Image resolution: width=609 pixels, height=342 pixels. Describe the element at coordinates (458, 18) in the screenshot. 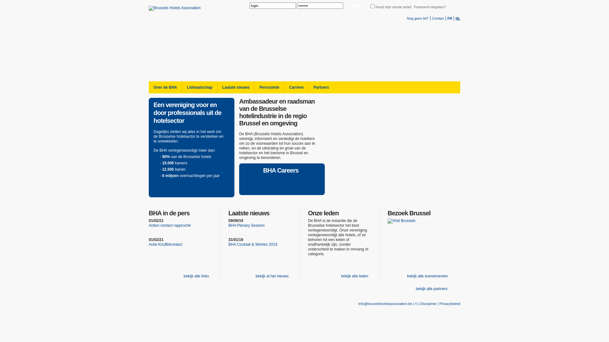

I see `'NL'` at that location.